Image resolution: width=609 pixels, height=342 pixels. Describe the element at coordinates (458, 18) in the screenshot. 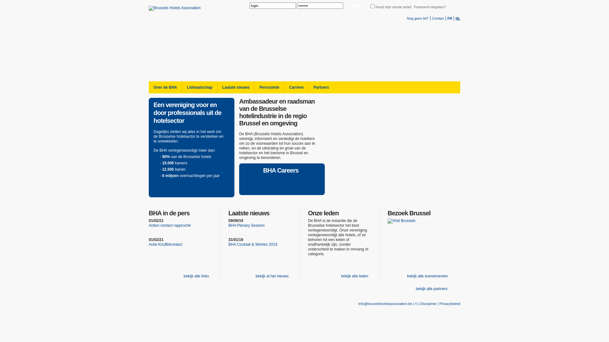

I see `'NL'` at that location.